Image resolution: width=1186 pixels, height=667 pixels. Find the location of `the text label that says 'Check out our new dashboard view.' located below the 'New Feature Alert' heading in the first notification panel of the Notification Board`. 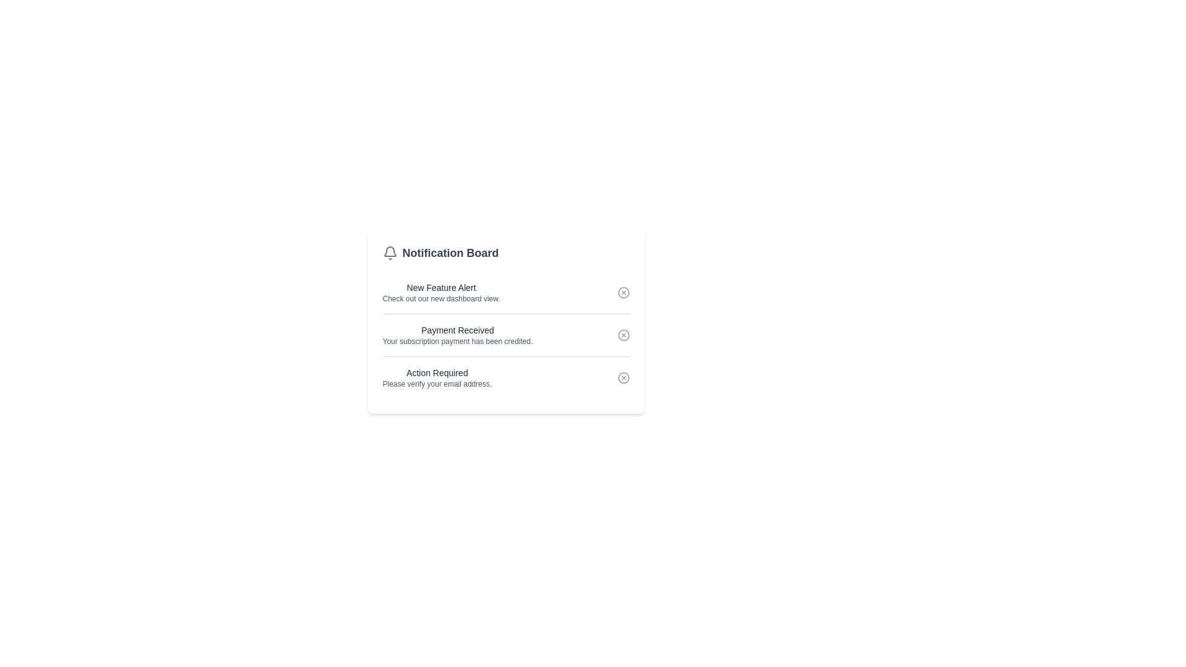

the text label that says 'Check out our new dashboard view.' located below the 'New Feature Alert' heading in the first notification panel of the Notification Board is located at coordinates (441, 298).